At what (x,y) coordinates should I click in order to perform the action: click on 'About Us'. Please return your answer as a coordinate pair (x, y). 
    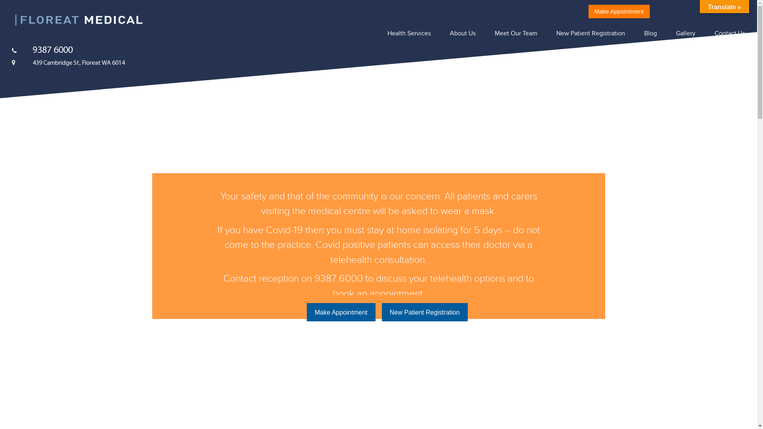
    Looking at the image, I should click on (463, 33).